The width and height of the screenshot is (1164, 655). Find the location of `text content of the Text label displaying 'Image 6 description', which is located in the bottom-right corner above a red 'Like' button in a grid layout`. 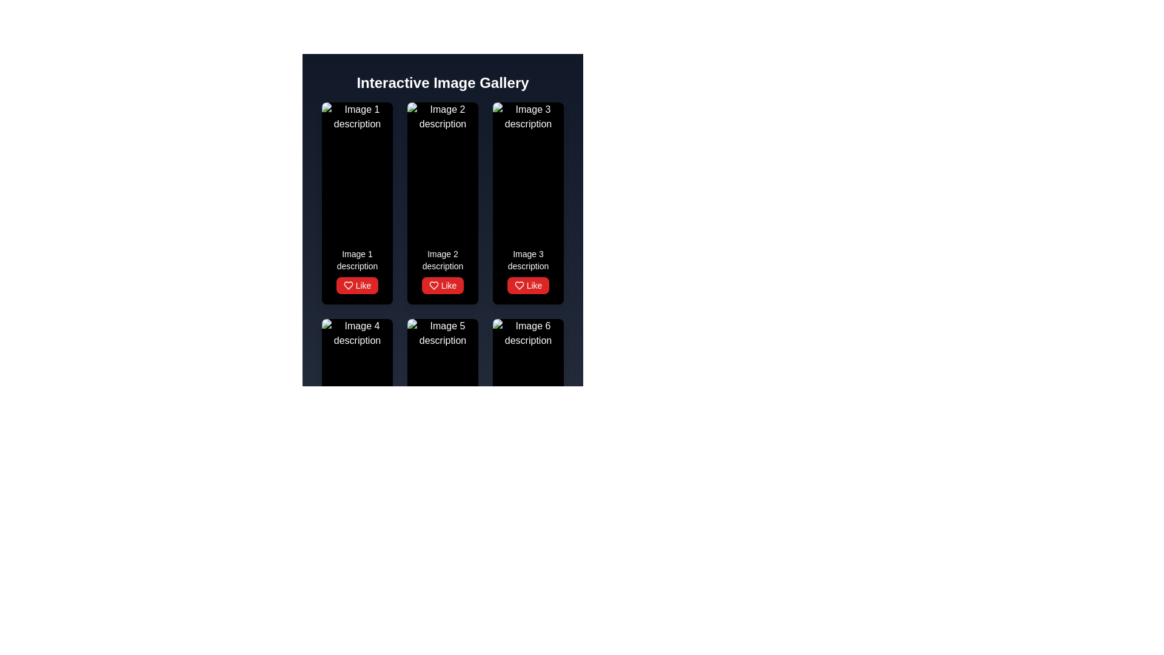

text content of the Text label displaying 'Image 6 description', which is located in the bottom-right corner above a red 'Like' button in a grid layout is located at coordinates (528, 476).